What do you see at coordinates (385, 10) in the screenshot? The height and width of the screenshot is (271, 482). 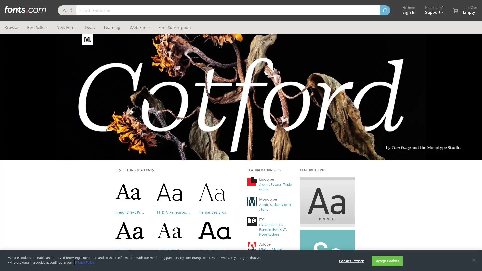 I see `Search` at bounding box center [385, 10].